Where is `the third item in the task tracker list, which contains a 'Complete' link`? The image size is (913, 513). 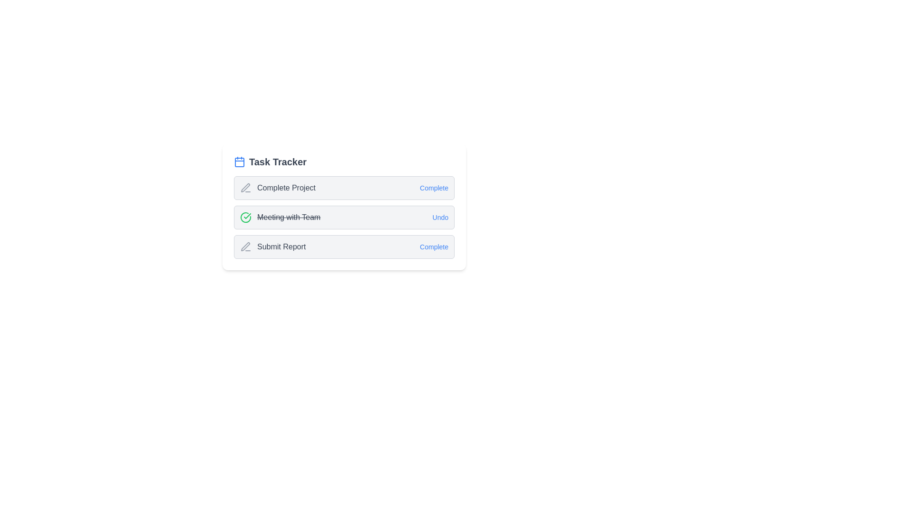
the third item in the task tracker list, which contains a 'Complete' link is located at coordinates (344, 247).